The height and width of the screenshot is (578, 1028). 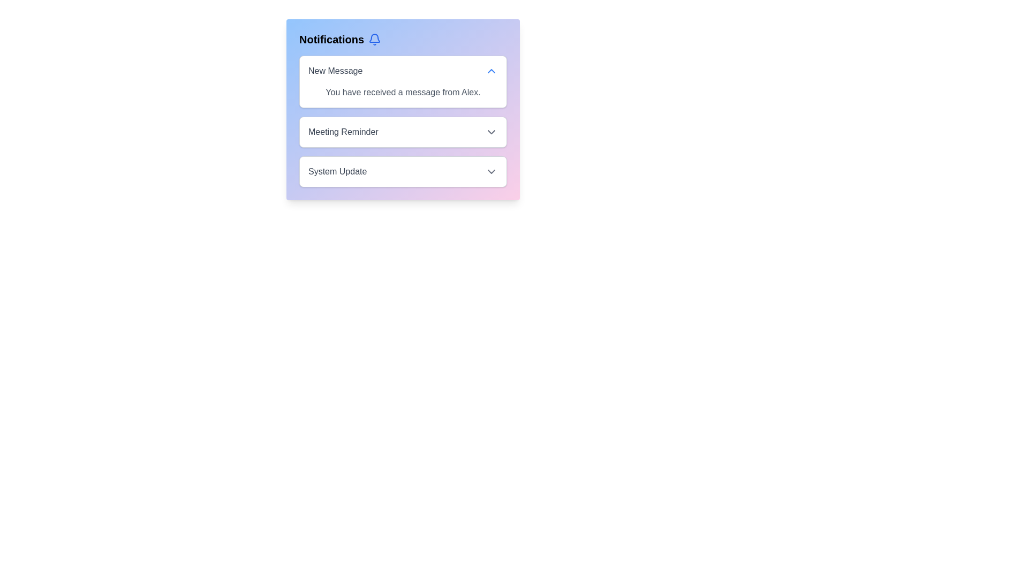 I want to click on the 'Meeting Reminder' collapsible card, which is the second card in a vertically stacked group of three cards, so click(x=403, y=131).